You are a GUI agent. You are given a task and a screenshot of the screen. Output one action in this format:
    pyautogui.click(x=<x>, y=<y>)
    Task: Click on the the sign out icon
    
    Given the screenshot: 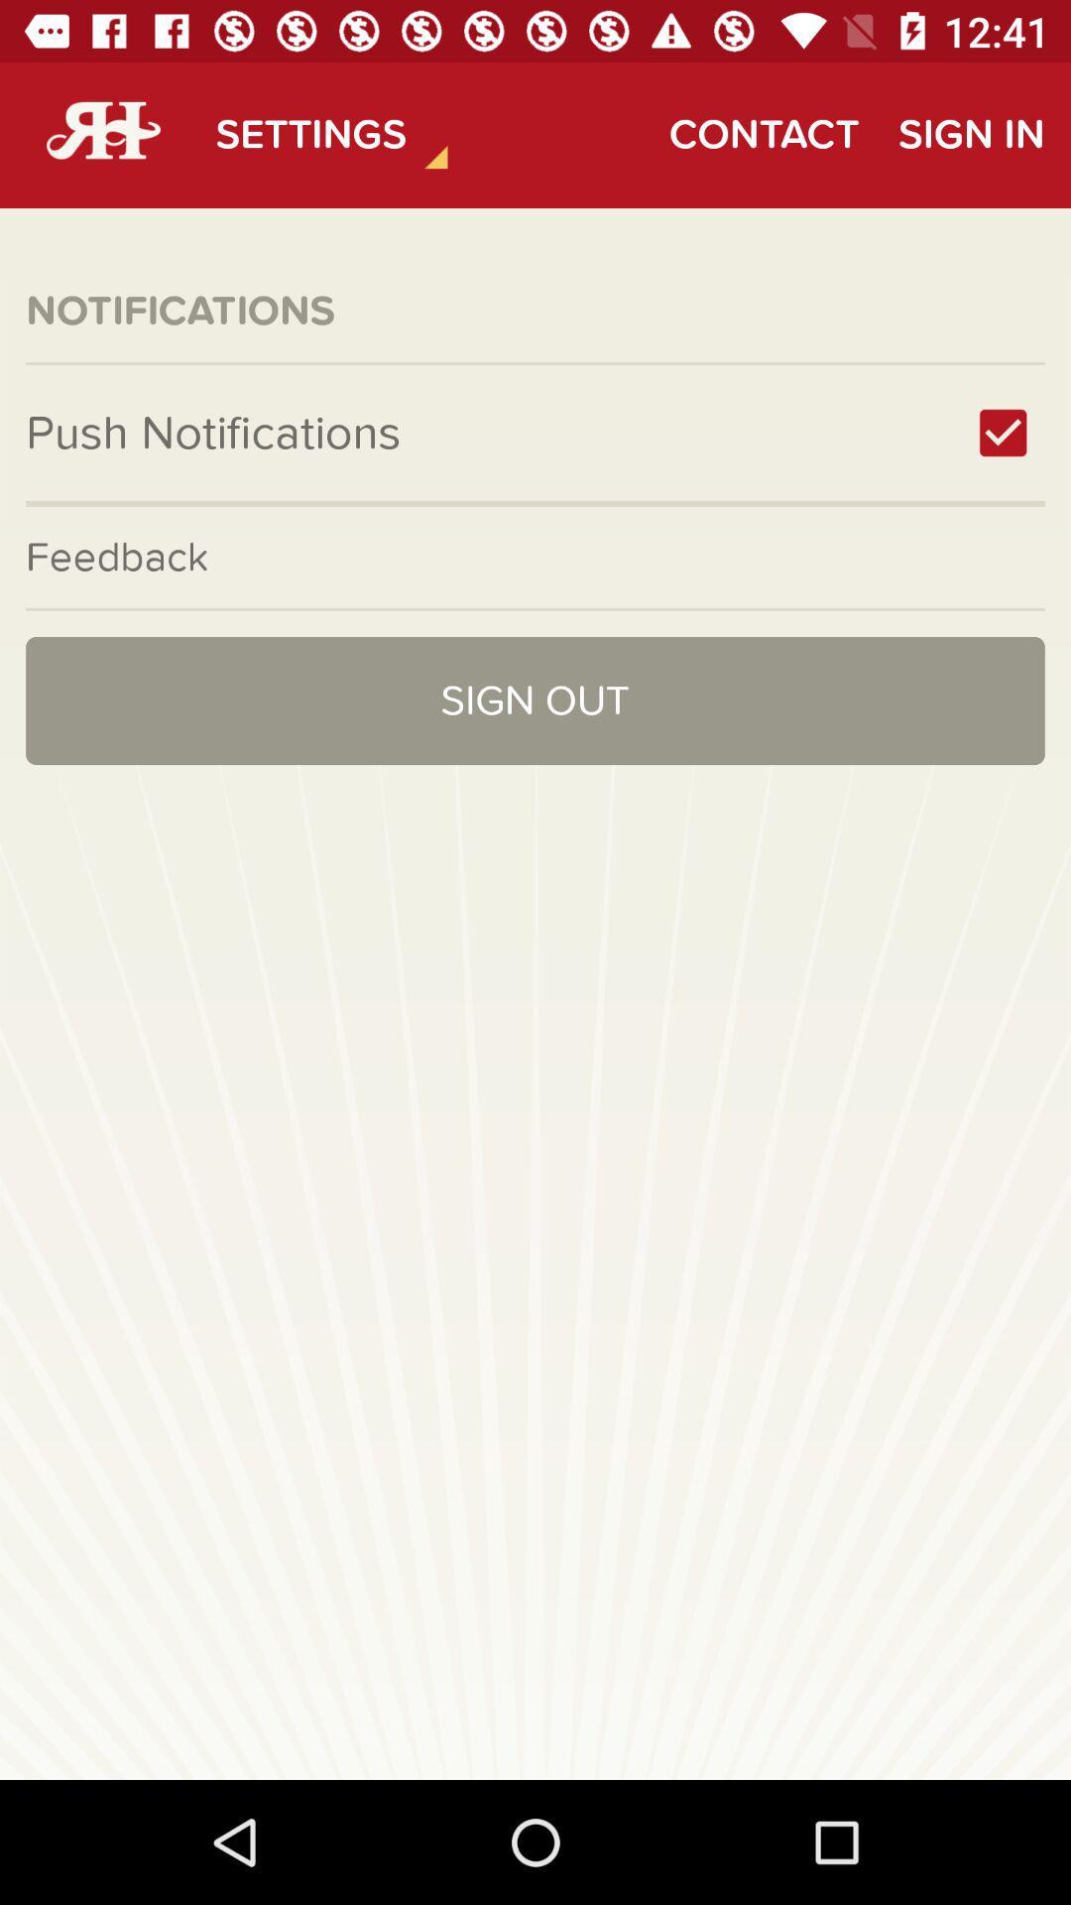 What is the action you would take?
    pyautogui.click(x=535, y=700)
    